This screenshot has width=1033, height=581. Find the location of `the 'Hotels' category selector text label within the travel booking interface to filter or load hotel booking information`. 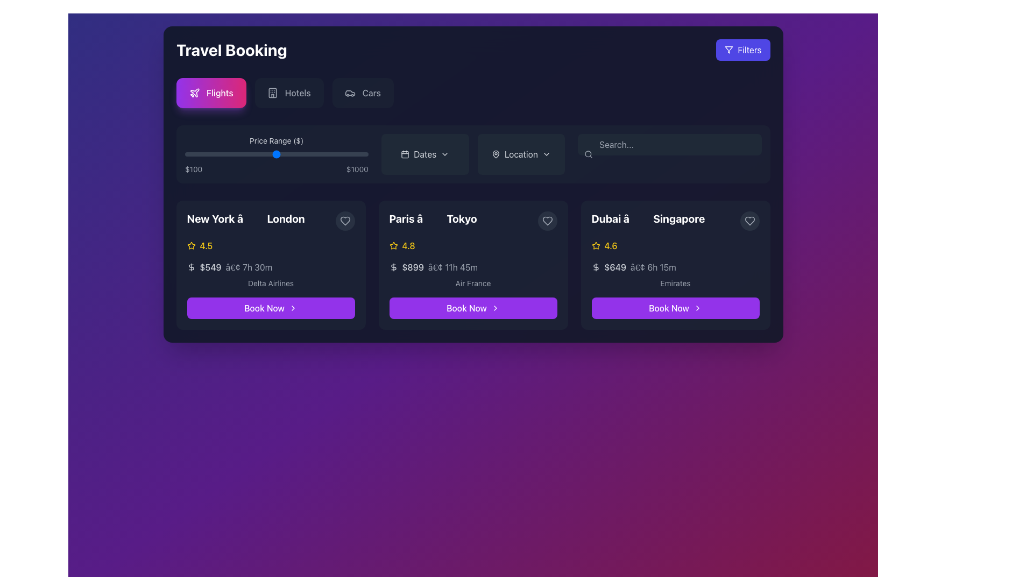

the 'Hotels' category selector text label within the travel booking interface to filter or load hotel booking information is located at coordinates (297, 93).